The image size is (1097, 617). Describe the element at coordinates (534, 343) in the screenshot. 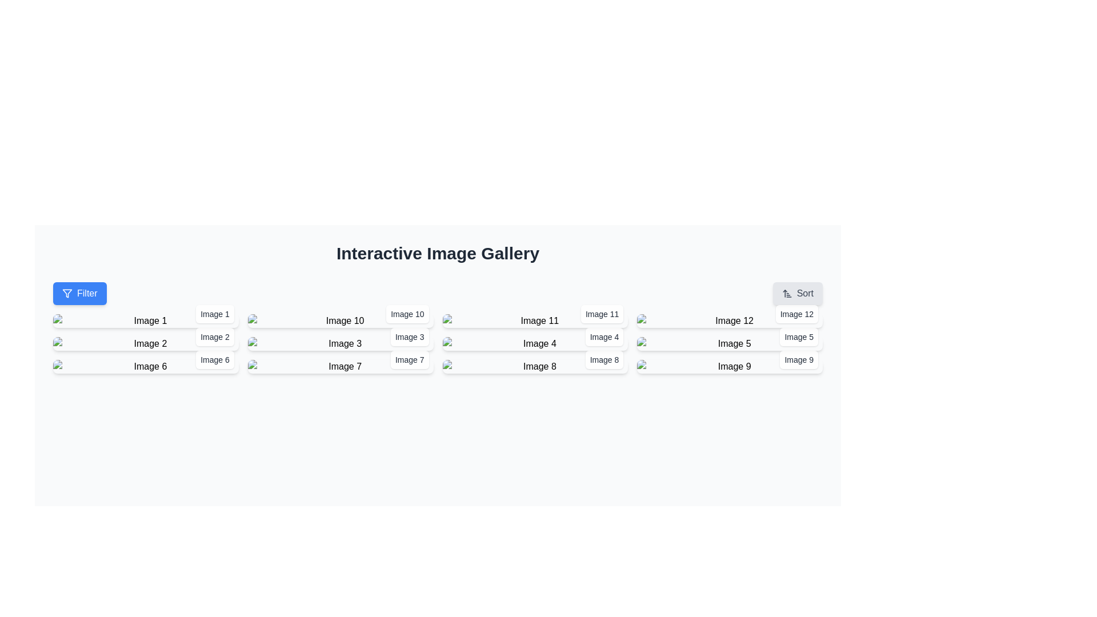

I see `the image labeled 'Image 4', which is the third image in the second row of a four-column grid layout, positioned below 'Image 11'` at that location.